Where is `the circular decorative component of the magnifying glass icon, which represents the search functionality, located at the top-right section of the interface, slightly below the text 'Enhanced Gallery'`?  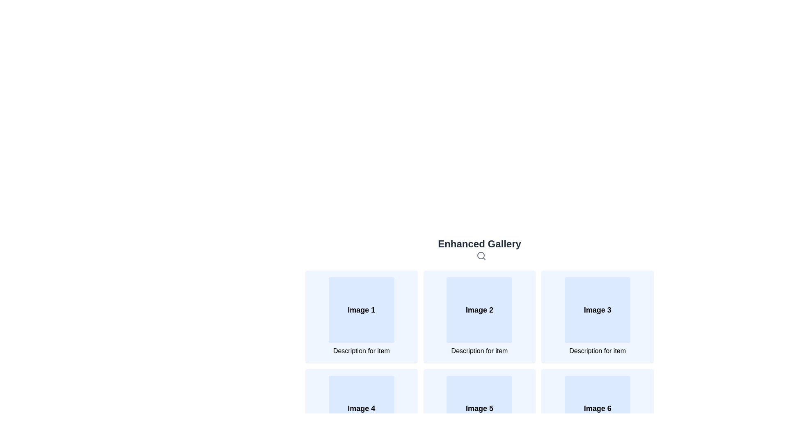 the circular decorative component of the magnifying glass icon, which represents the search functionality, located at the top-right section of the interface, slightly below the text 'Enhanced Gallery' is located at coordinates (481, 255).